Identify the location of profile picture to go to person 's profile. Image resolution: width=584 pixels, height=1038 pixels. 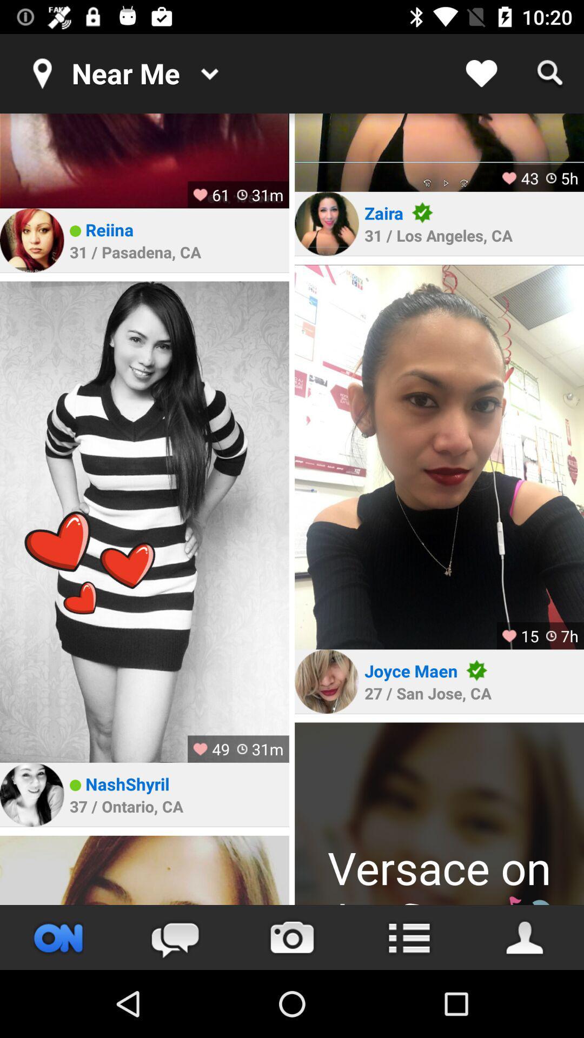
(439, 814).